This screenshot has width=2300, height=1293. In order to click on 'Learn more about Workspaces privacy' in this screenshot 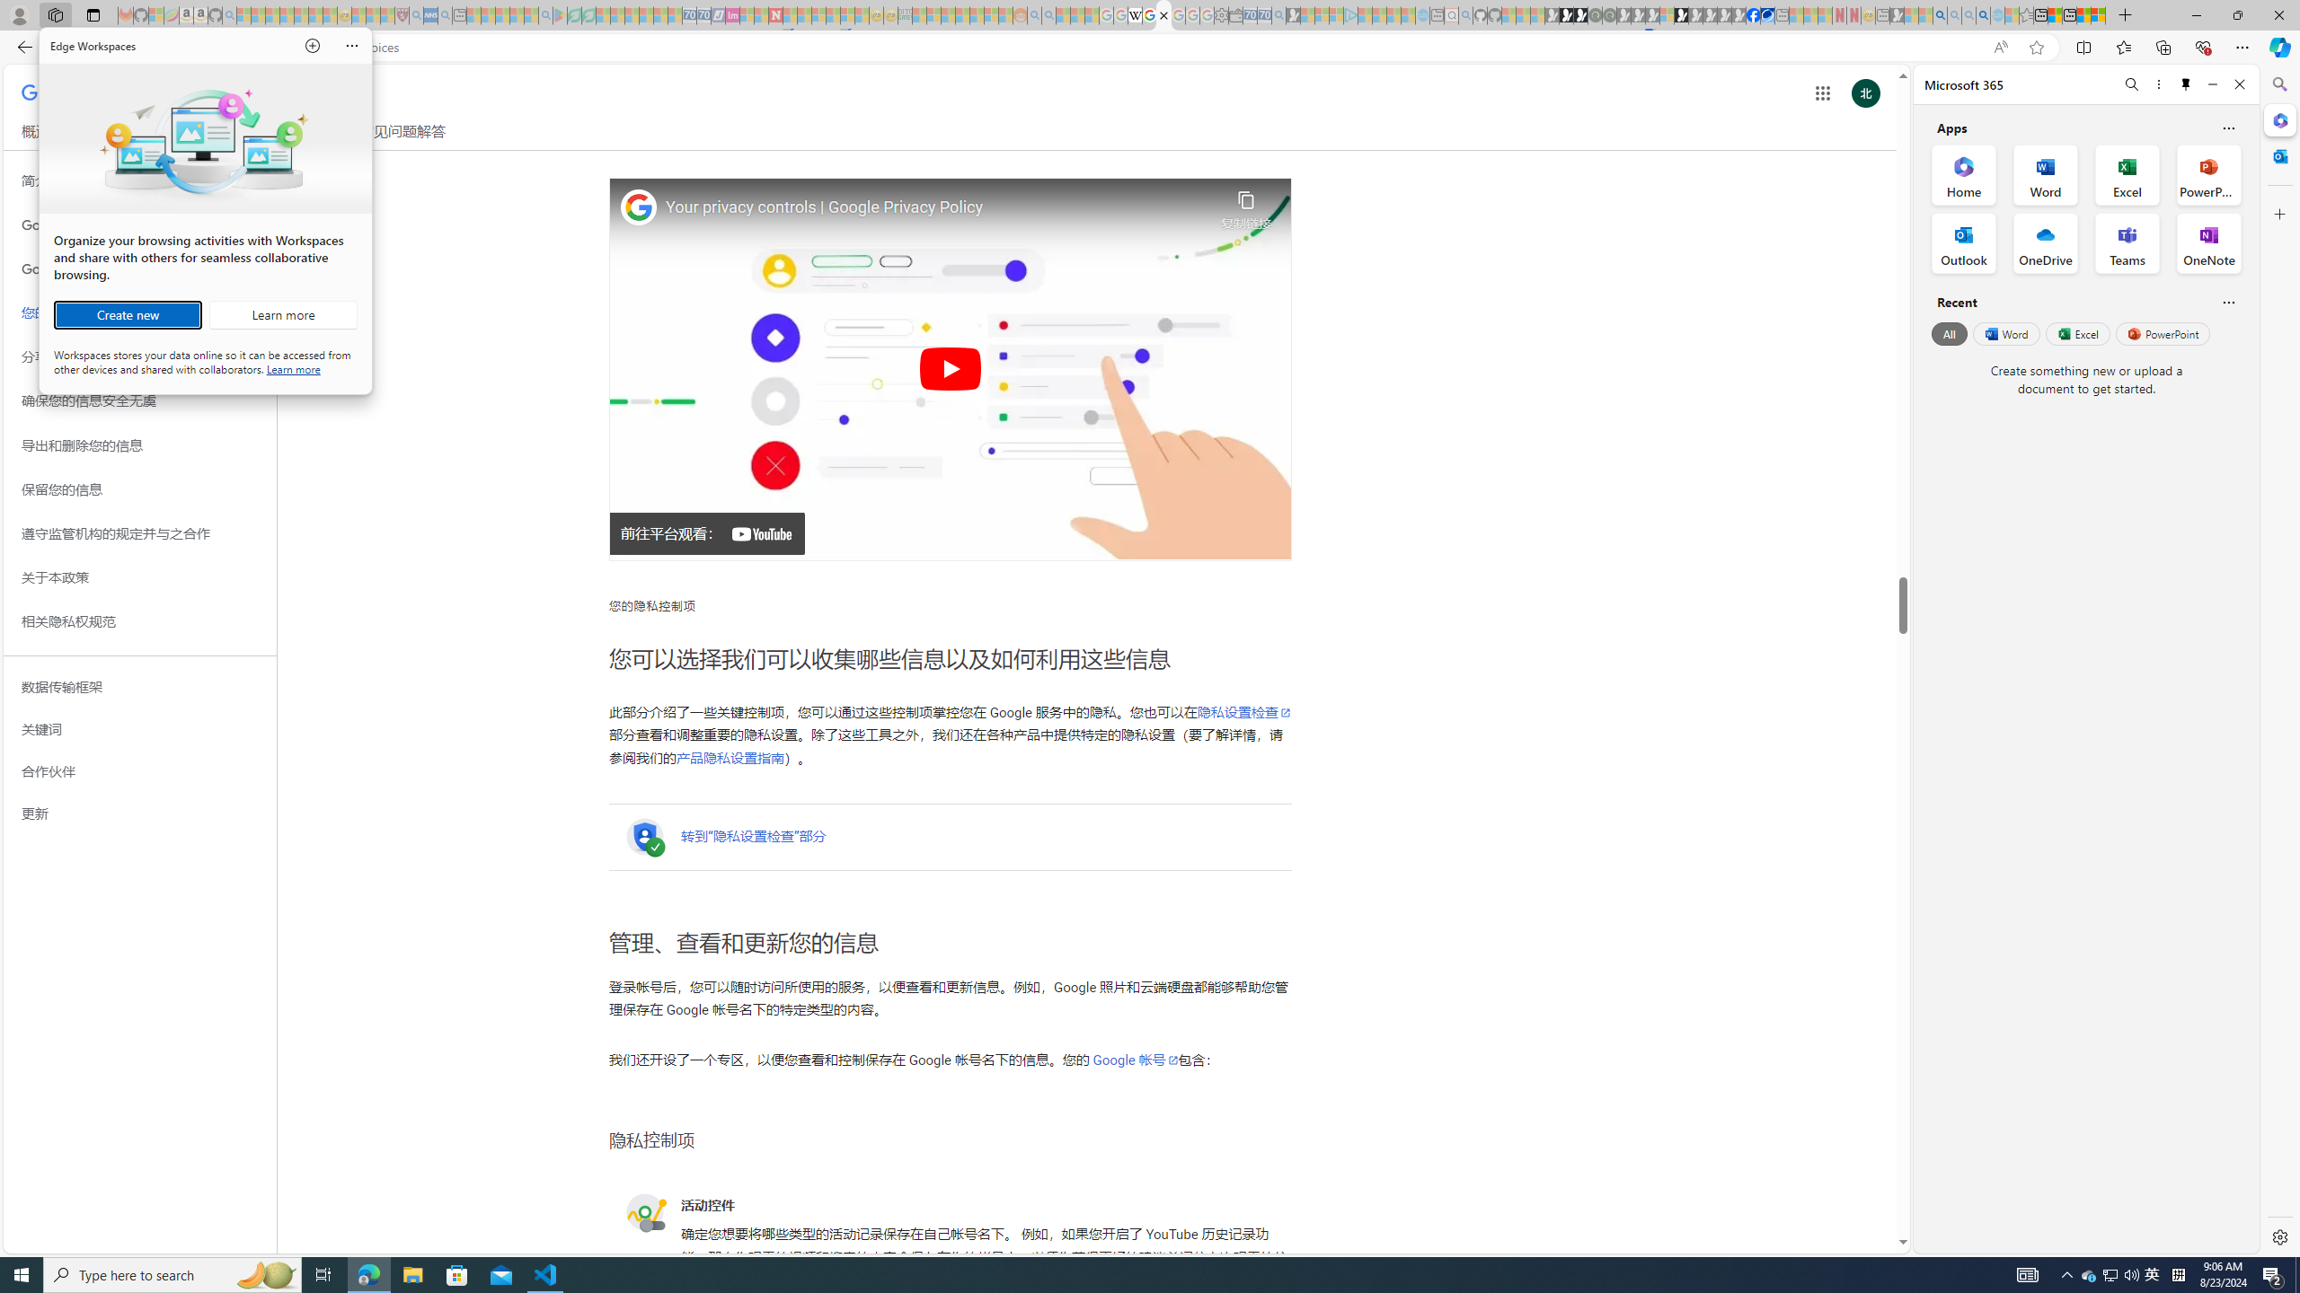, I will do `click(293, 368)`.